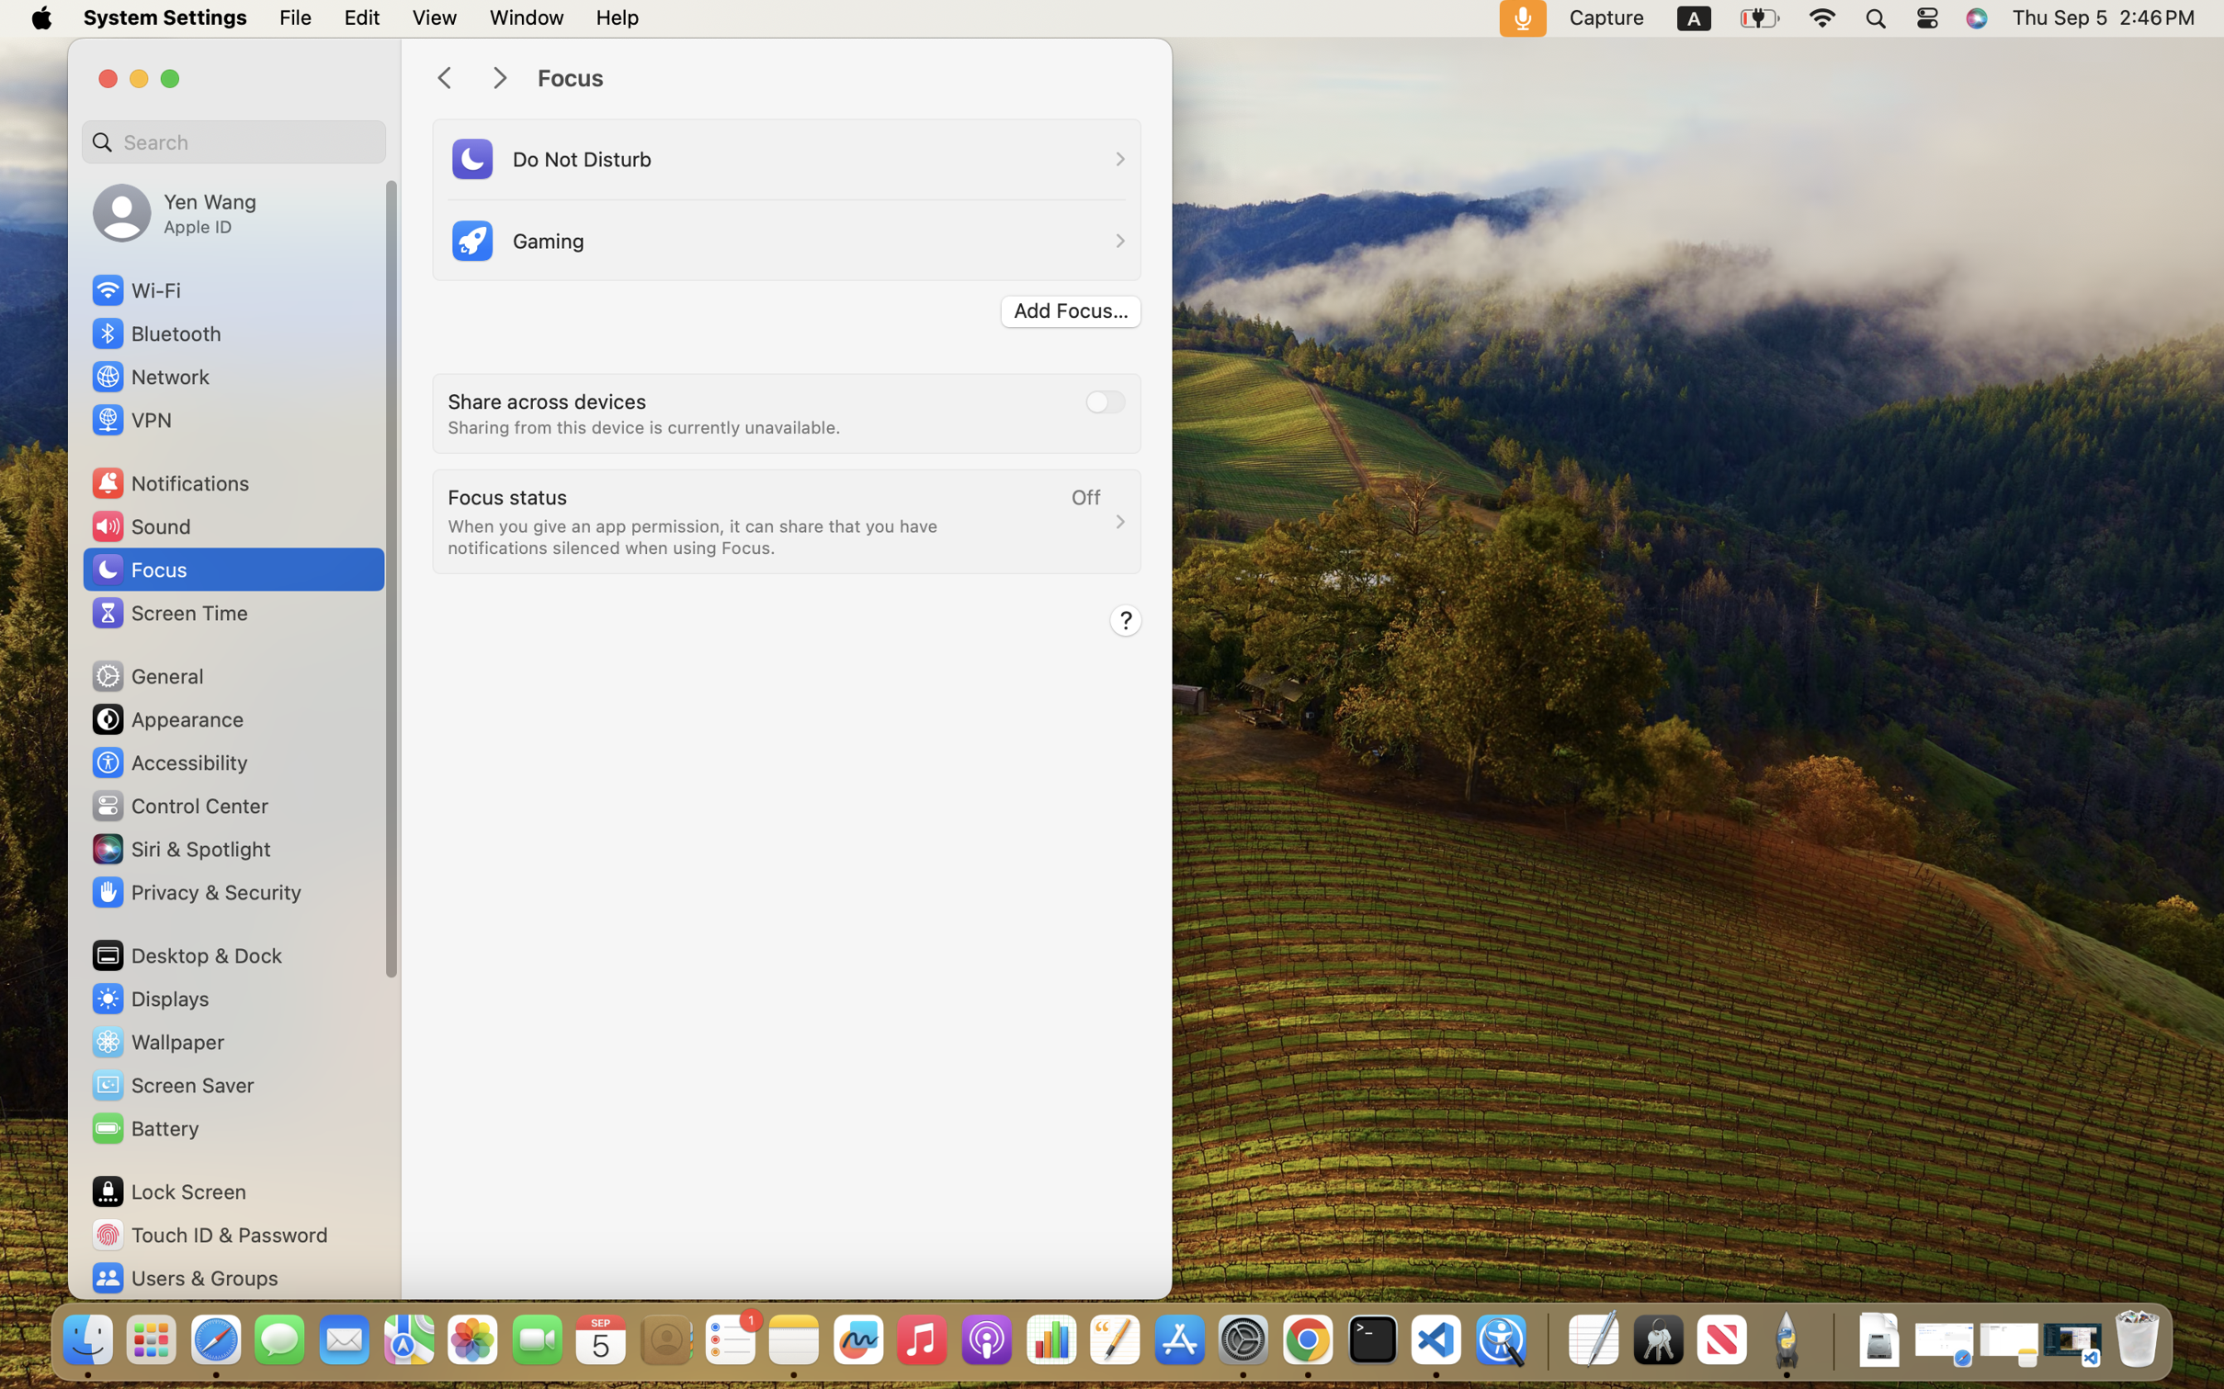  I want to click on 'Touch ID & Password', so click(210, 1234).